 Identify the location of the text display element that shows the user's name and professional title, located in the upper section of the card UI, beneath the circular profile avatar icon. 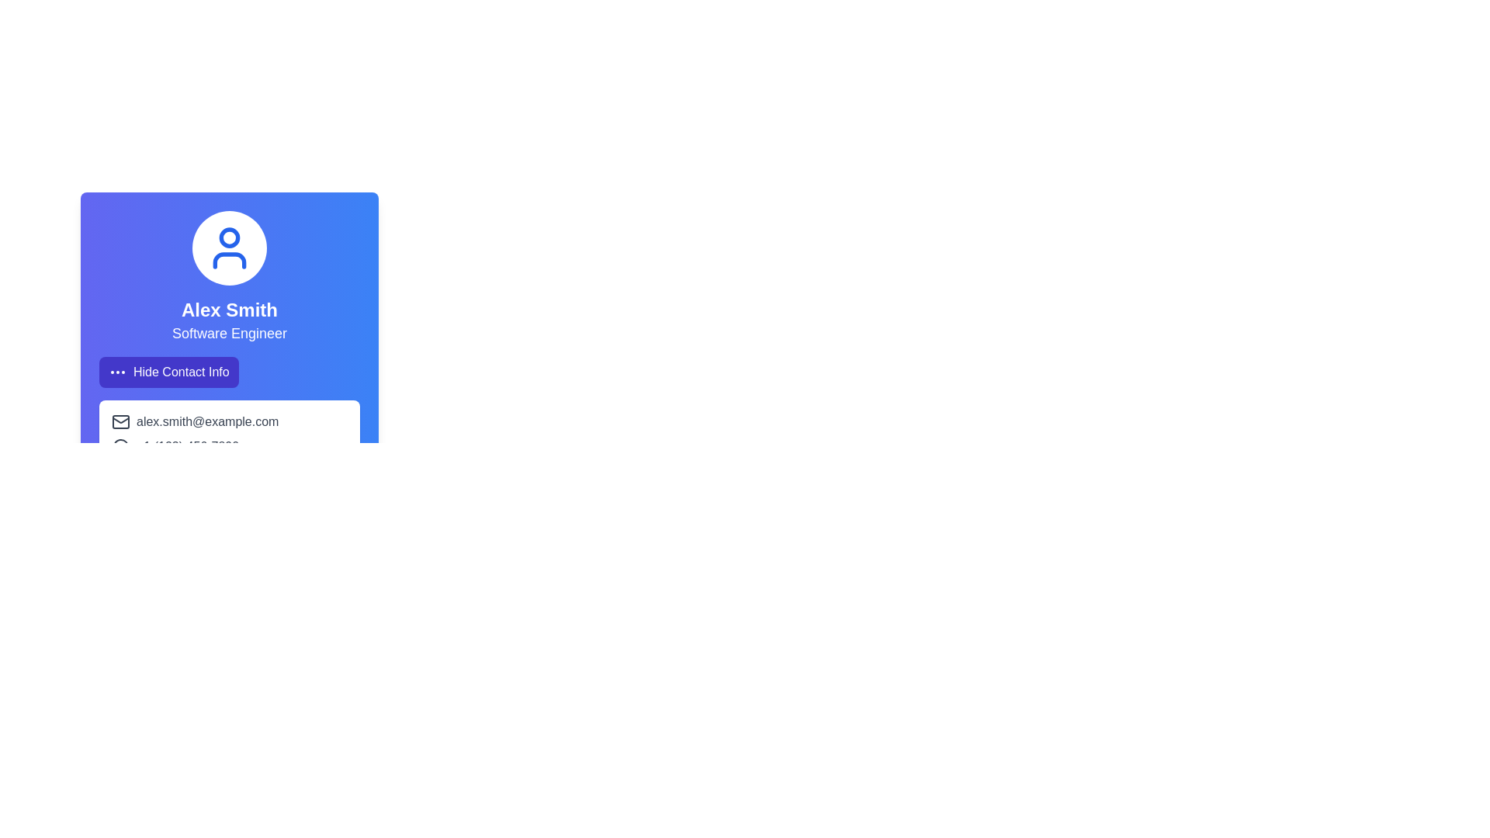
(229, 299).